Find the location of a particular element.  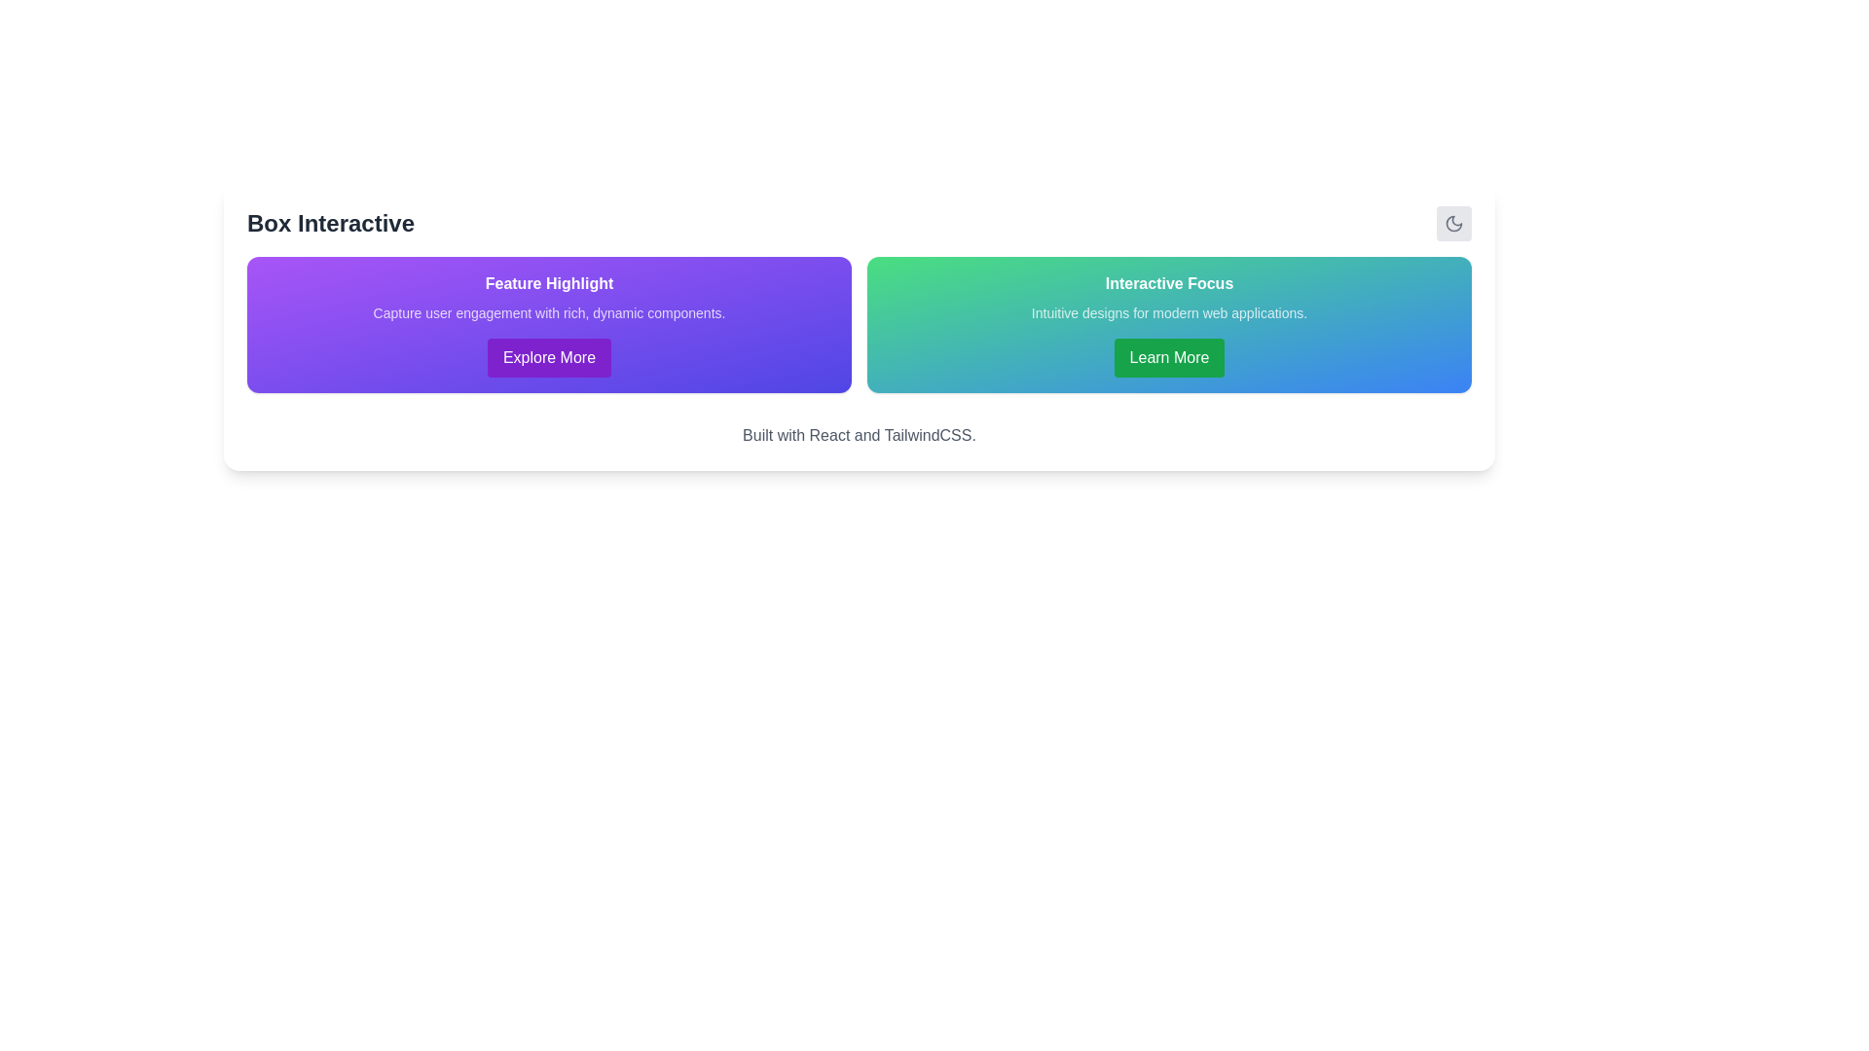

the 'Learn More' button with a green background that changes to teal on hover, located below the title 'Interactive Focus' is located at coordinates (1168, 357).